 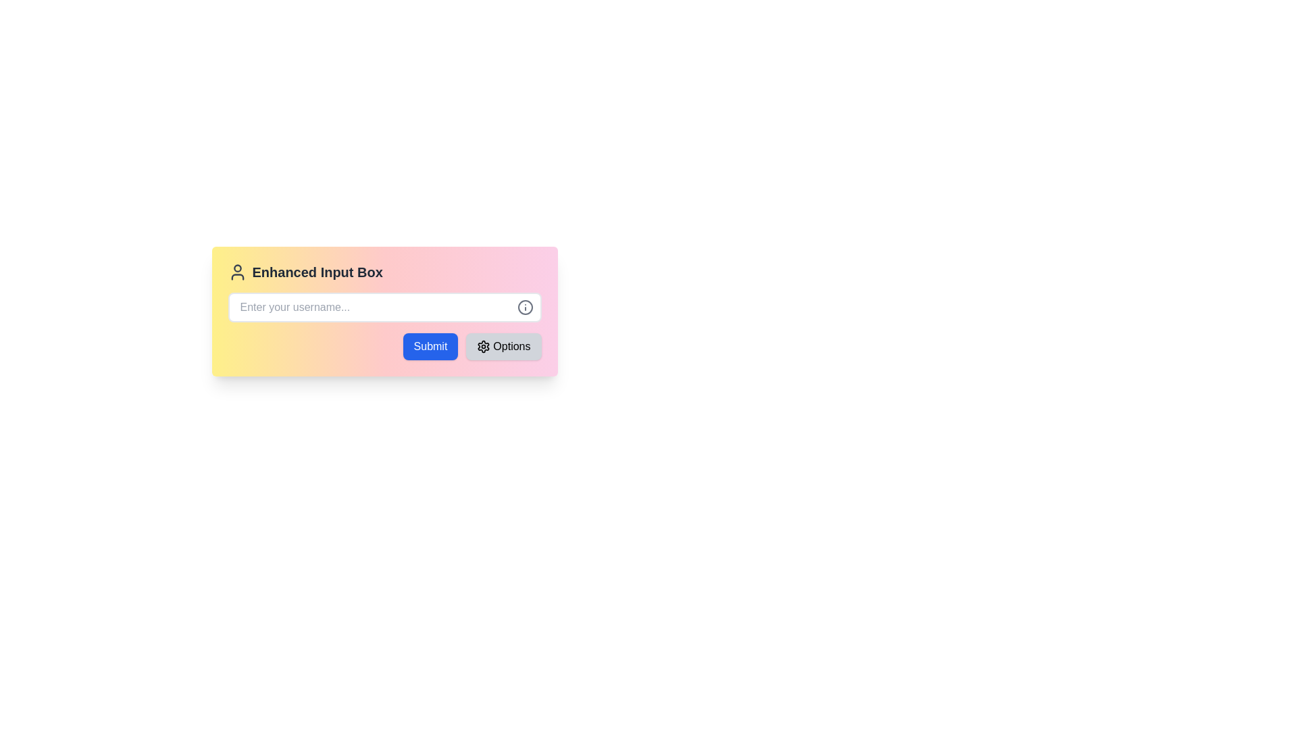 I want to click on the 'Options' button, which is a rounded rectangular button with a light gray background and a gear icon, located at the bottom-right section of the interface, so click(x=503, y=346).